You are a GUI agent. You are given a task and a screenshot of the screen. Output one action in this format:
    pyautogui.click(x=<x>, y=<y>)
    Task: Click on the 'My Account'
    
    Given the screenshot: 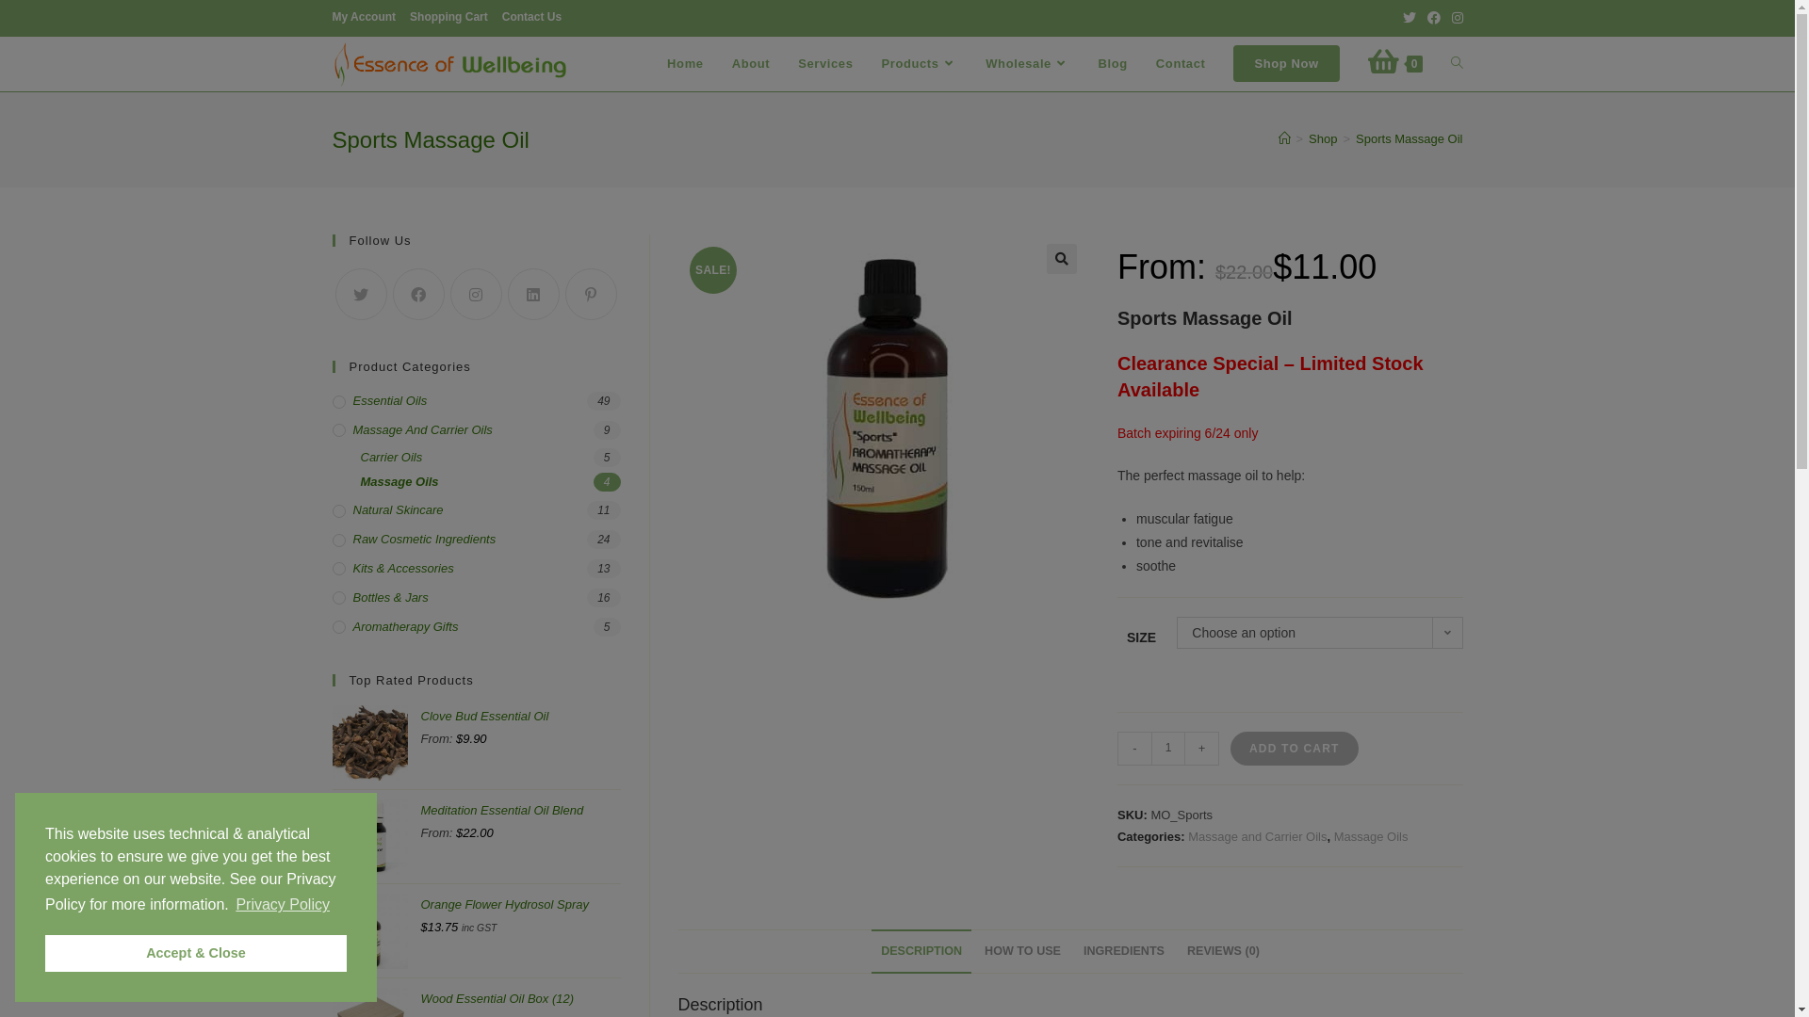 What is the action you would take?
    pyautogui.click(x=363, y=18)
    